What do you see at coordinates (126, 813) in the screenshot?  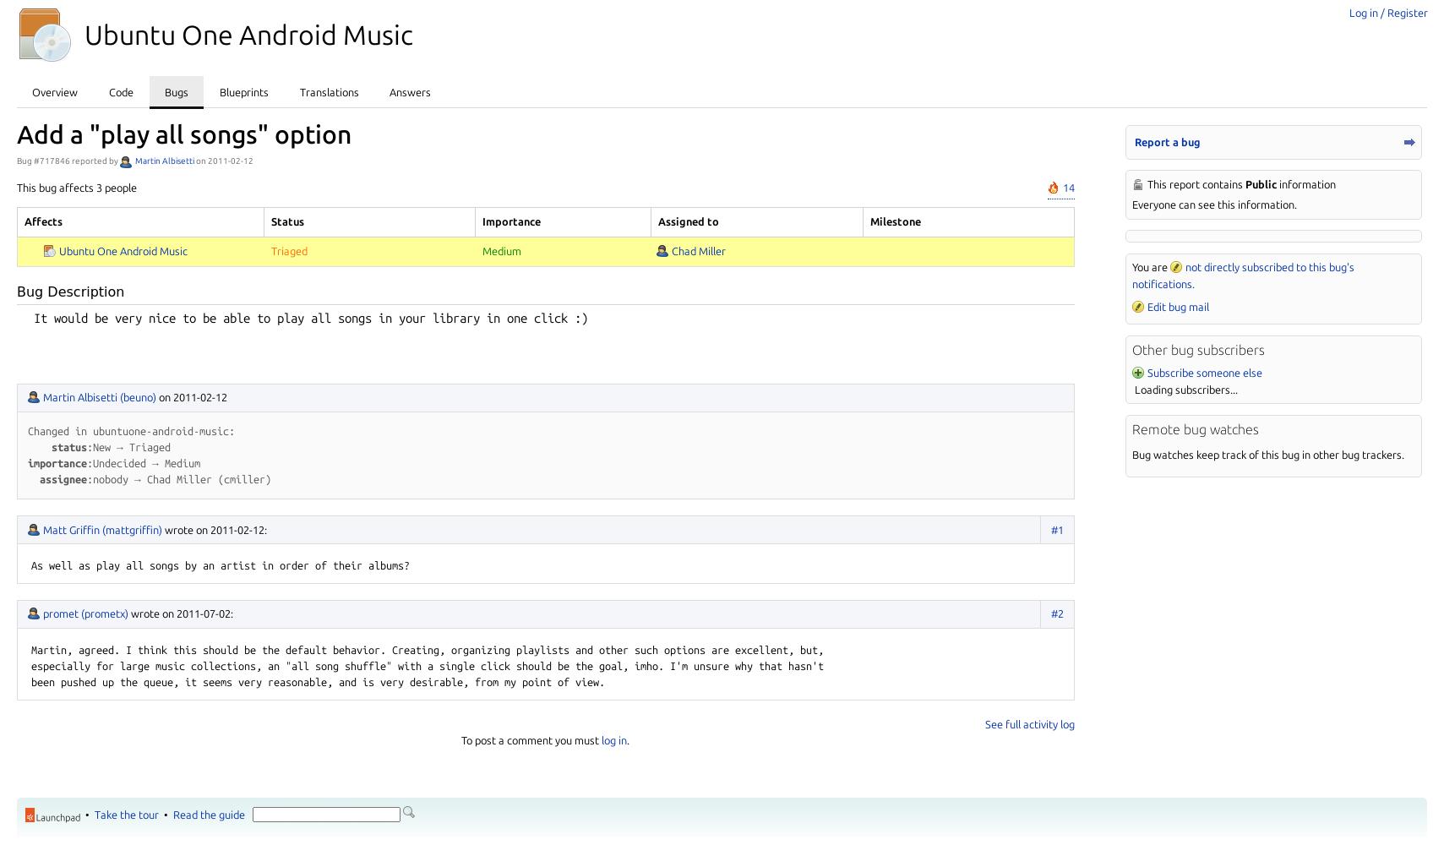 I see `'Take the tour'` at bounding box center [126, 813].